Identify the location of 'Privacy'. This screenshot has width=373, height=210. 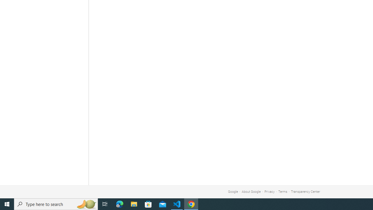
(269, 192).